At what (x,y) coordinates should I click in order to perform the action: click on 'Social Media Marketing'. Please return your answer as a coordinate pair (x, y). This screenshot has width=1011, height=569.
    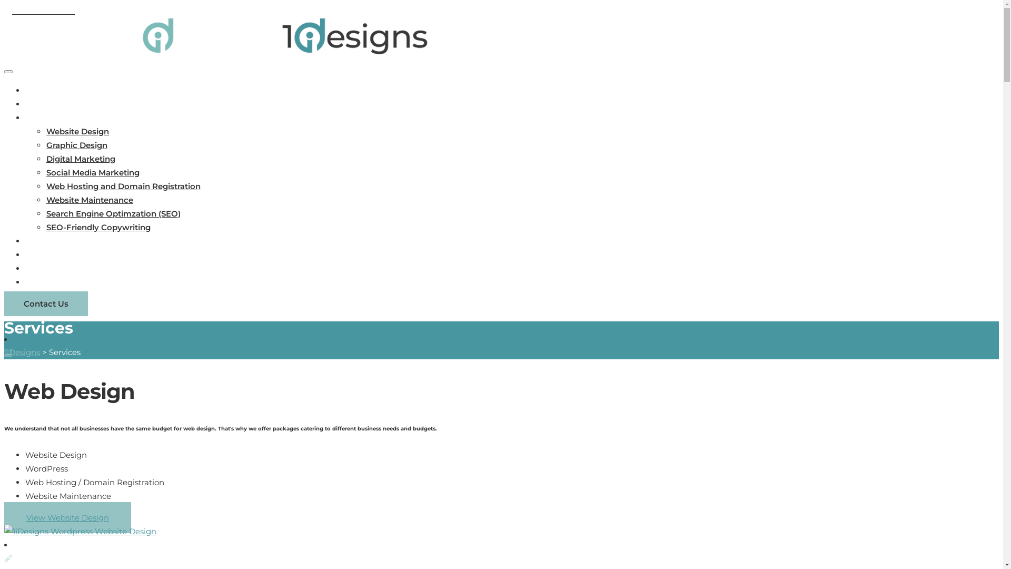
    Looking at the image, I should click on (93, 172).